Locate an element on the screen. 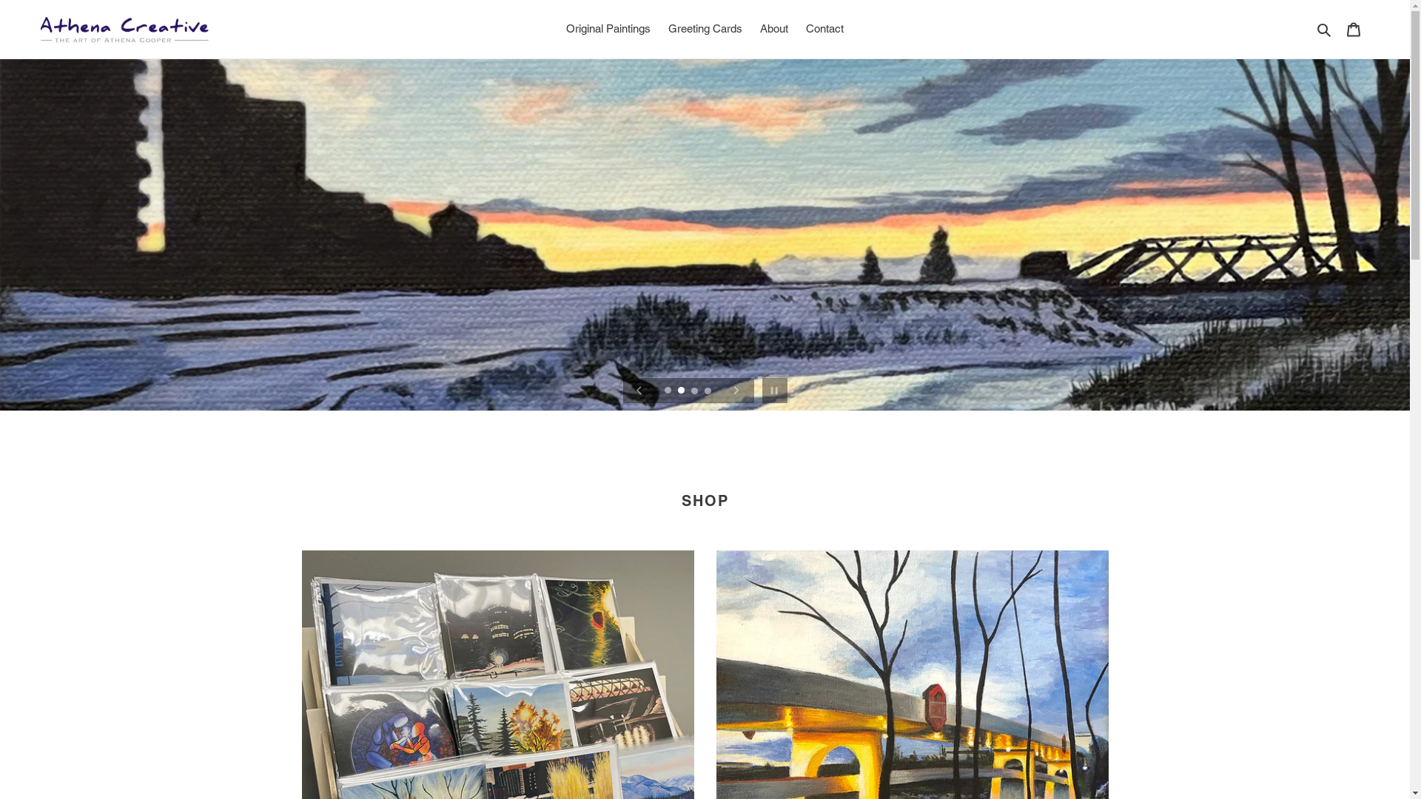 The image size is (1421, 799). 'Search' is located at coordinates (1325, 29).